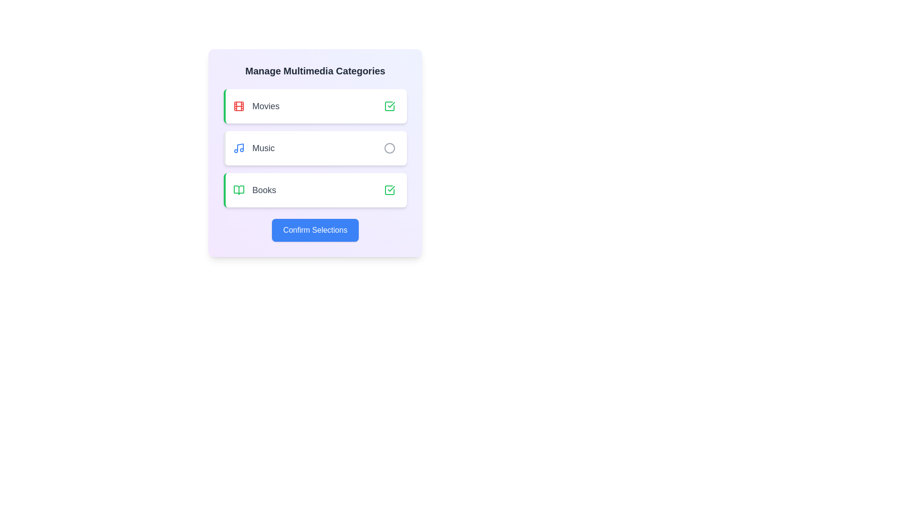 Image resolution: width=916 pixels, height=515 pixels. What do you see at coordinates (315, 106) in the screenshot?
I see `the category Movies to inspect its icon and text` at bounding box center [315, 106].